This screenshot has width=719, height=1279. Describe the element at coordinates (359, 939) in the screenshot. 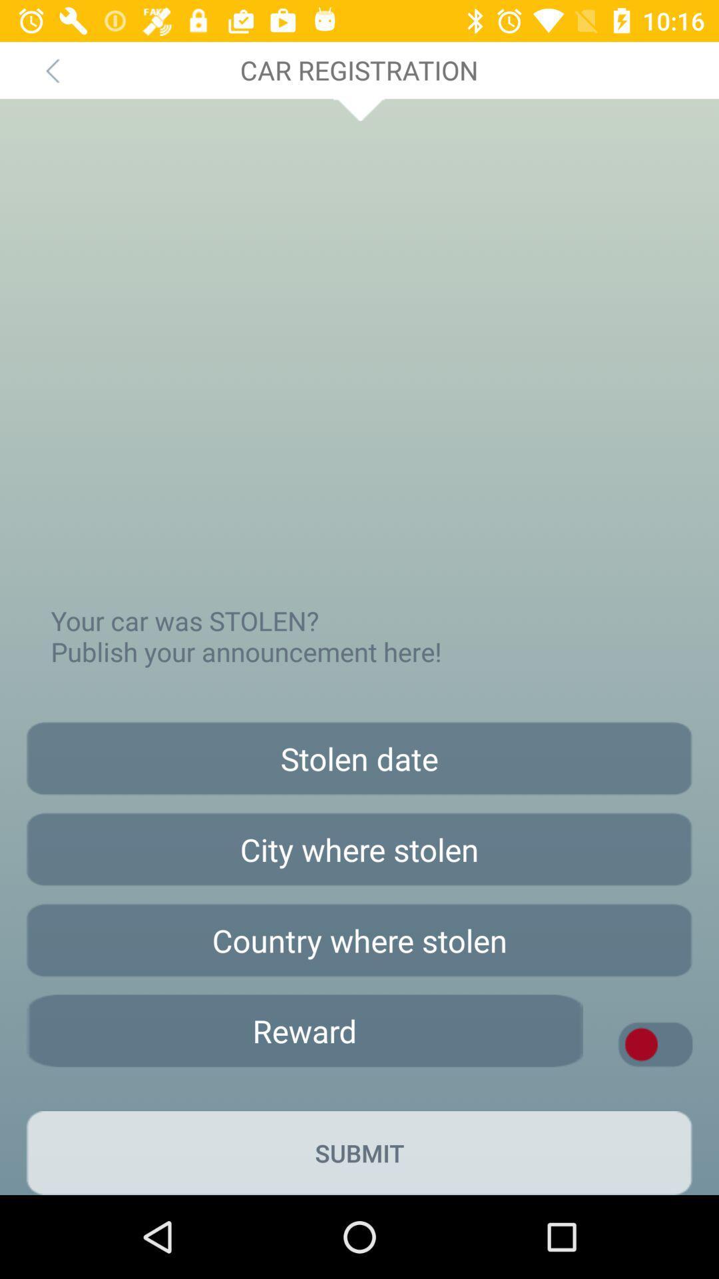

I see `country where stolen` at that location.